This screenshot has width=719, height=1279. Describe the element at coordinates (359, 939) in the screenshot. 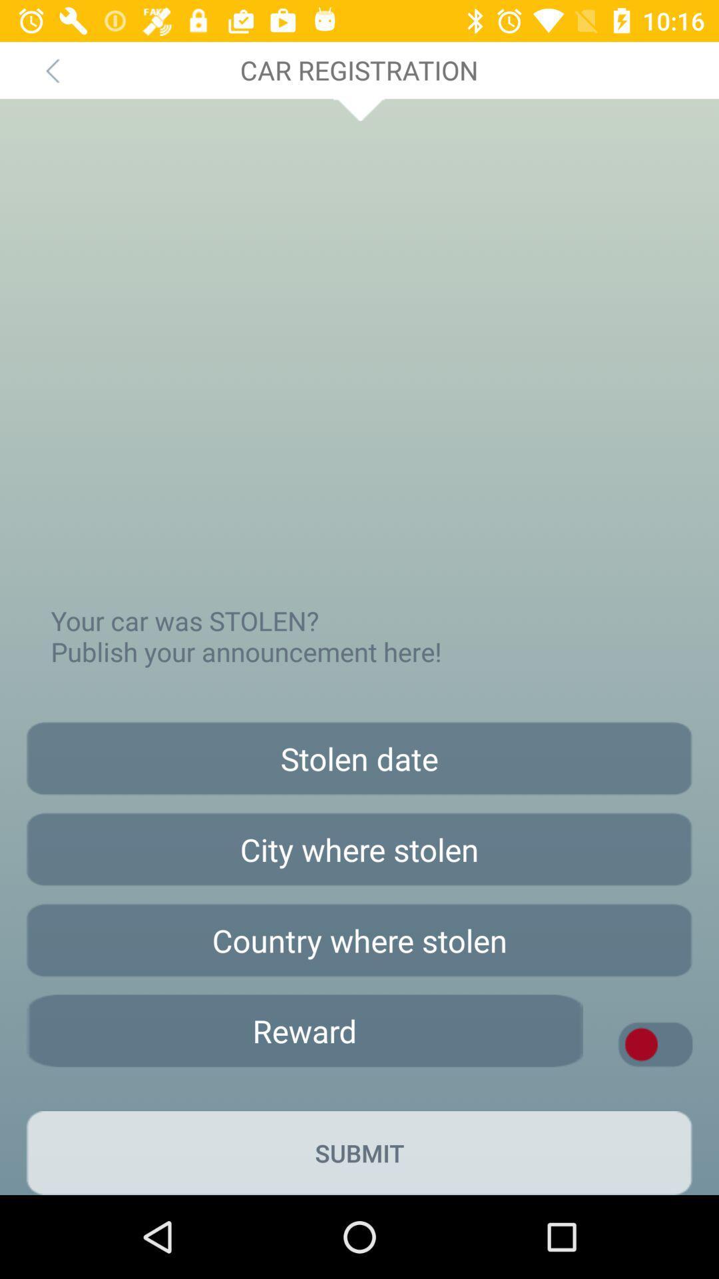

I see `country where stolen` at that location.